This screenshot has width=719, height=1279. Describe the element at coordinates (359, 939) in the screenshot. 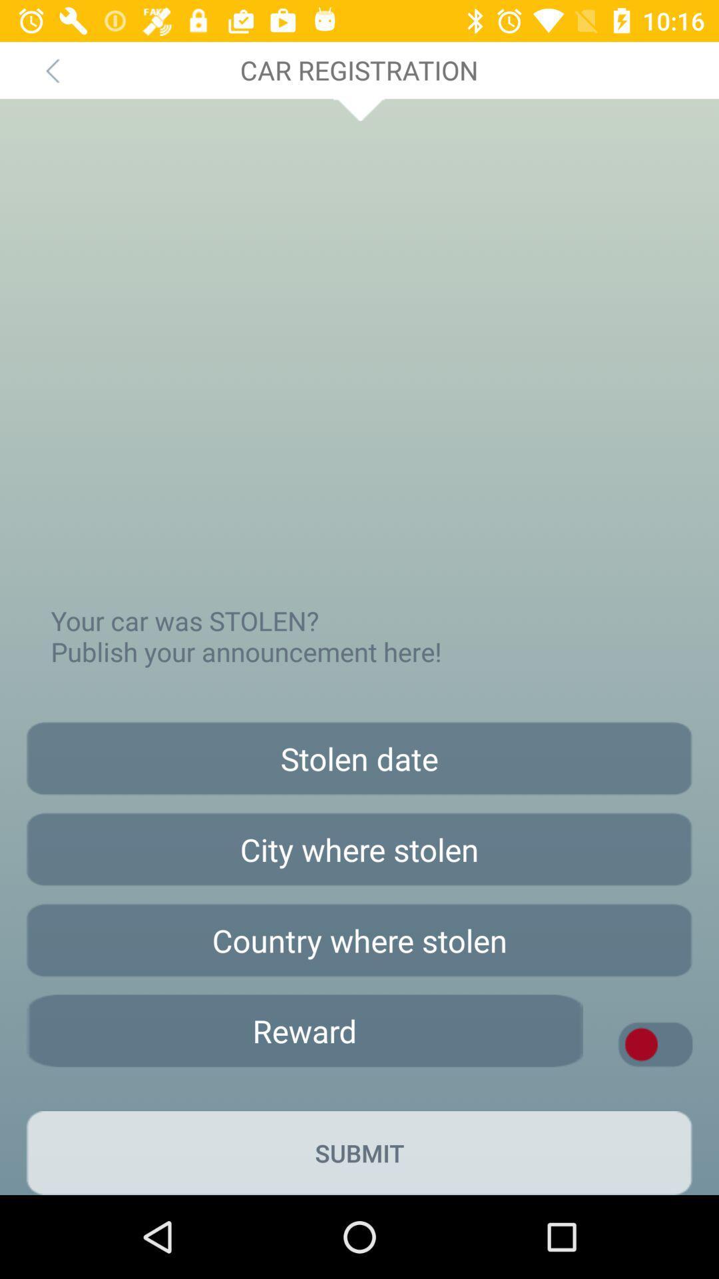

I see `country where stolen` at that location.